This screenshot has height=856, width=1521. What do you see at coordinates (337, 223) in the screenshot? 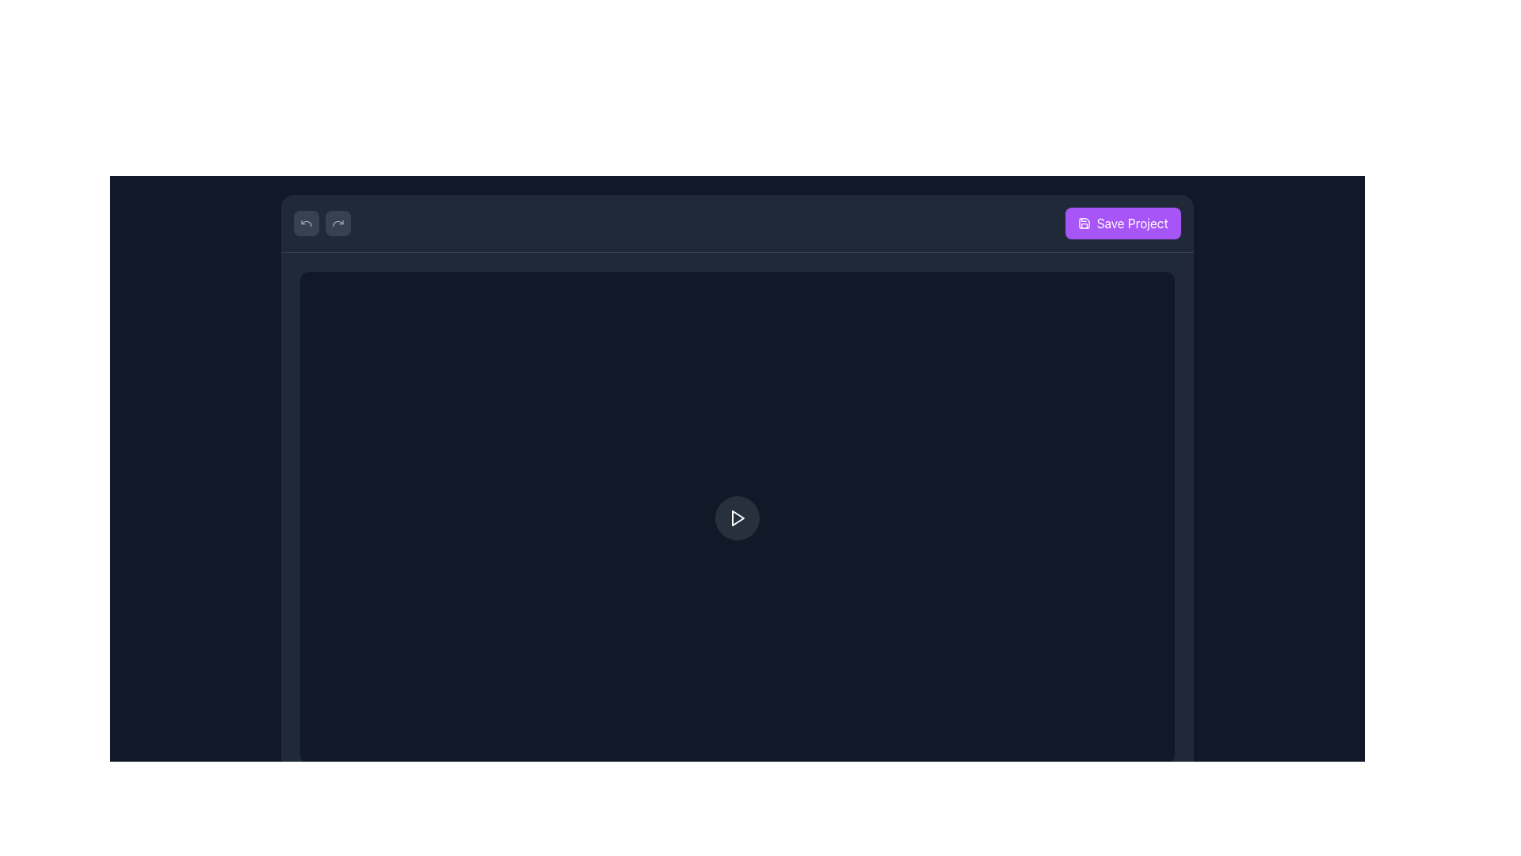
I see `the redo icon located in the top-left portion of the interface, adjacent to the undo icon` at bounding box center [337, 223].